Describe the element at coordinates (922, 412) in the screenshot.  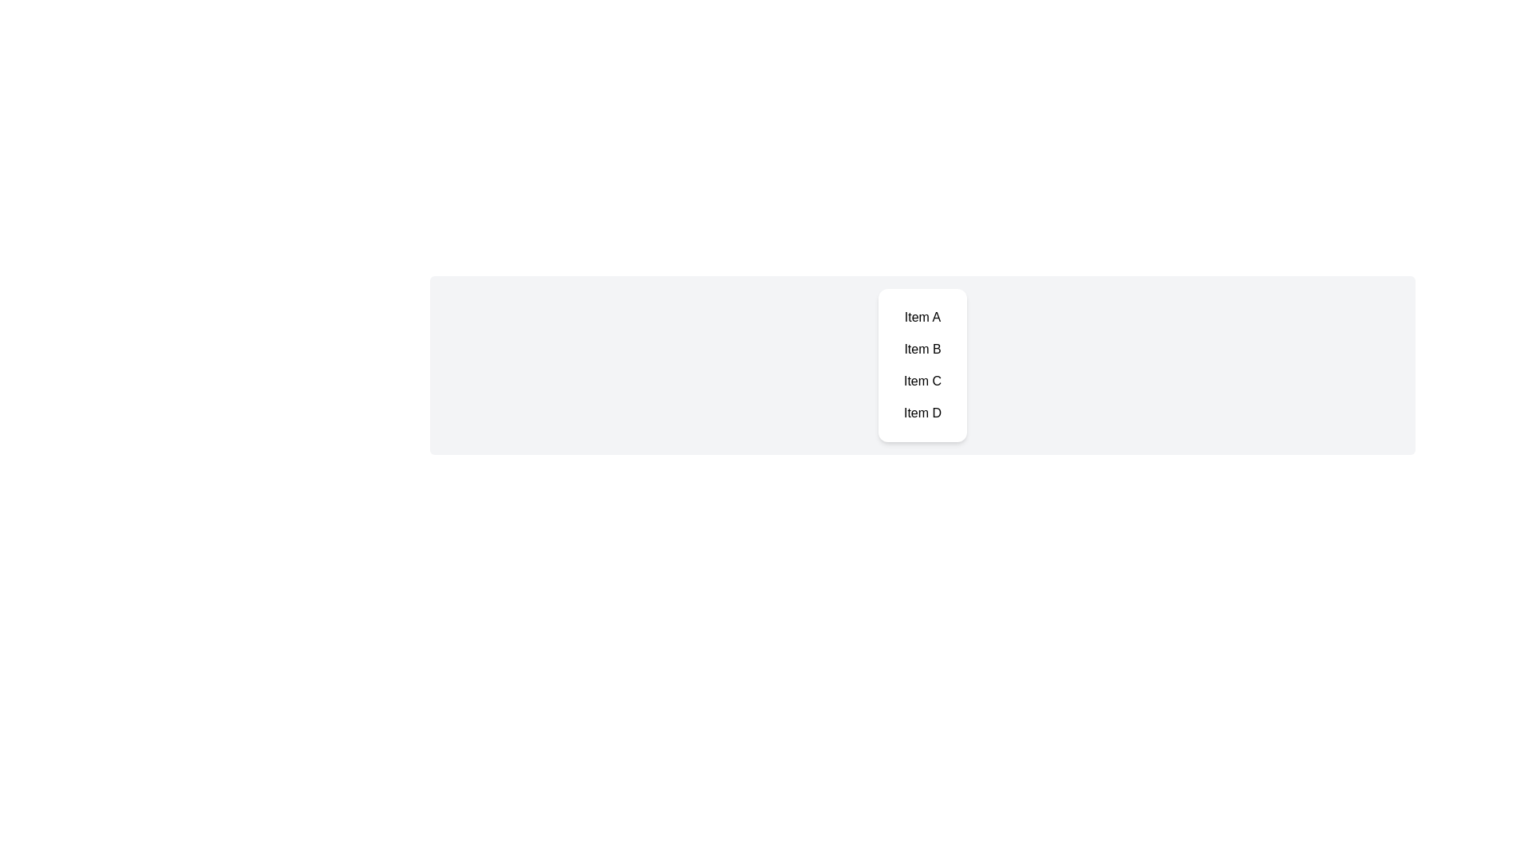
I see `the item labeled Item D to observe its hover effect` at that location.